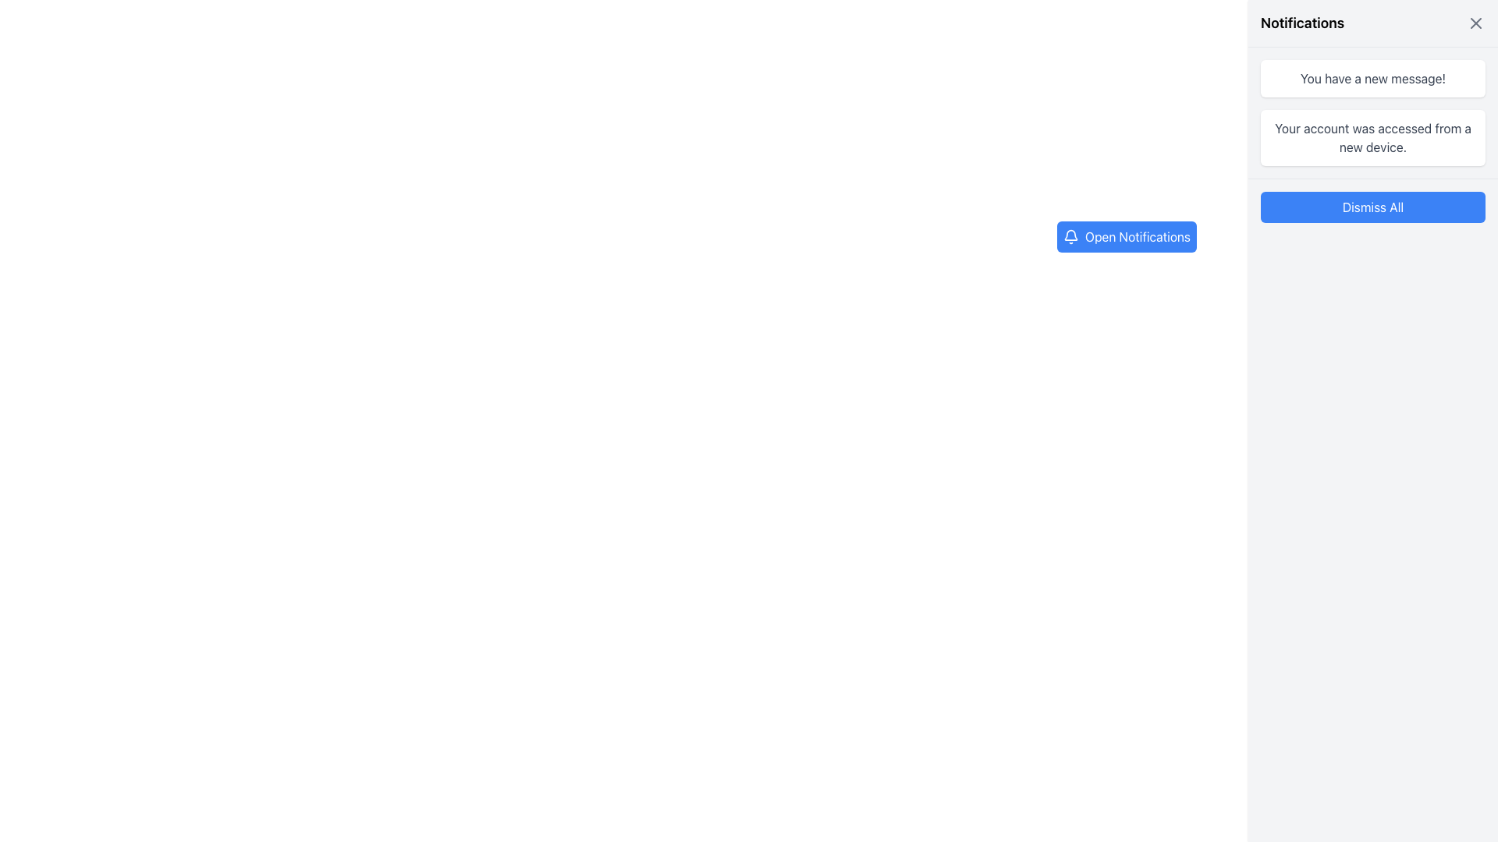  I want to click on the horizontal button with a blue background and white text that says 'Dismiss All', so click(1373, 207).